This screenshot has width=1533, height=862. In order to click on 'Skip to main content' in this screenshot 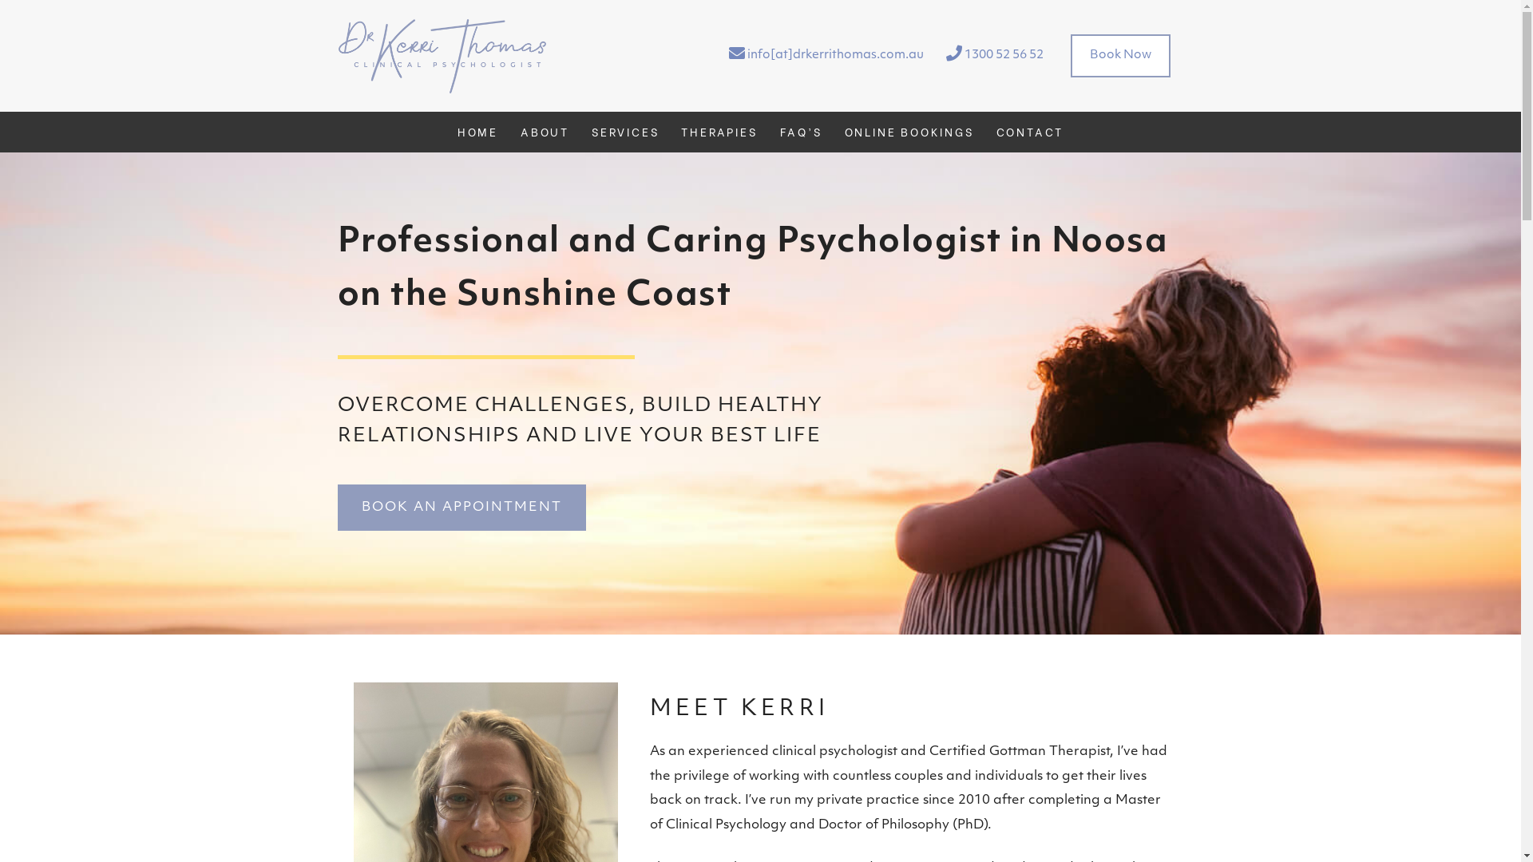, I will do `click(32, 0)`.